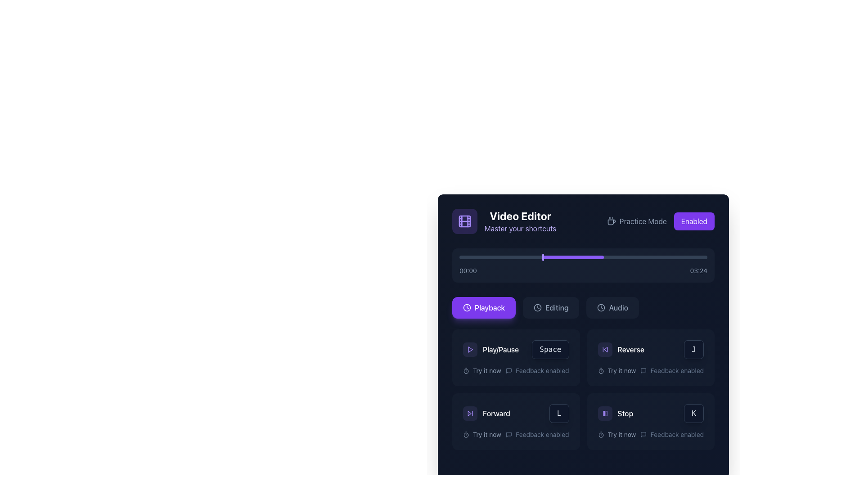 The height and width of the screenshot is (486, 864). I want to click on the actionable label located in the bottom-right quadrant of the interface, positioned under the 'Stop' button, so click(621, 434).